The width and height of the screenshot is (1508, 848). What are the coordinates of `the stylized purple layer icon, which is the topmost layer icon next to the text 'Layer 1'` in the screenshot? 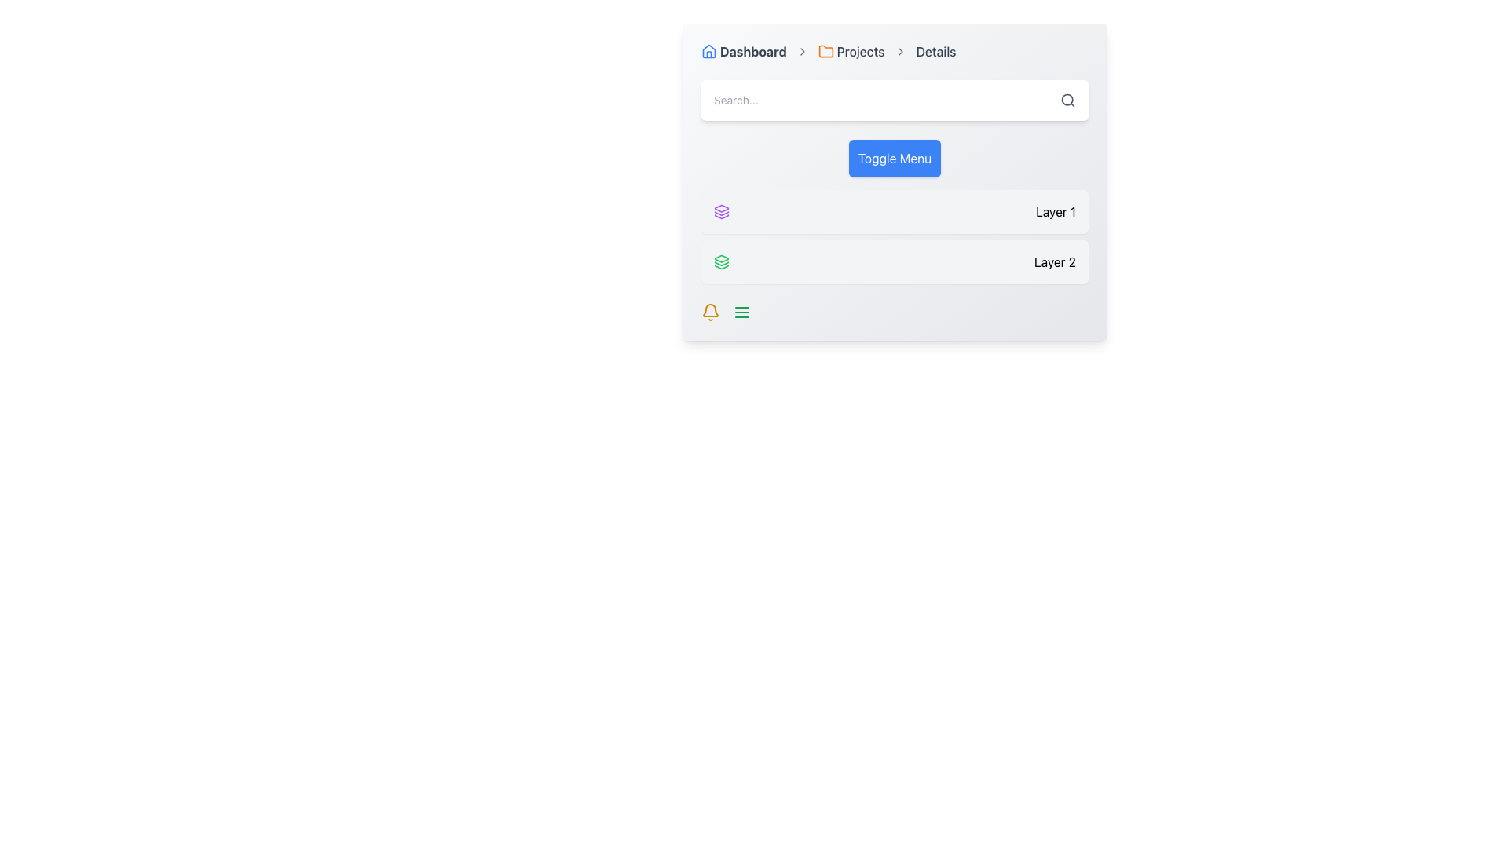 It's located at (721, 207).